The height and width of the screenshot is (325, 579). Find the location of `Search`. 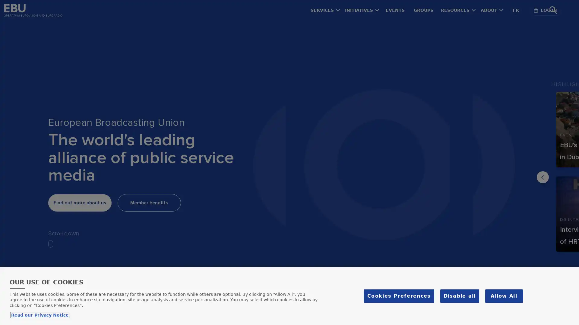

Search is located at coordinates (570, 10).